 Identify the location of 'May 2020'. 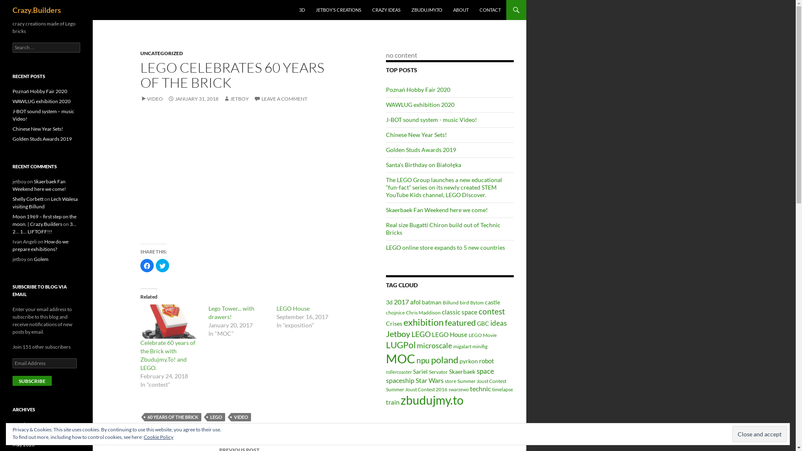
(23, 444).